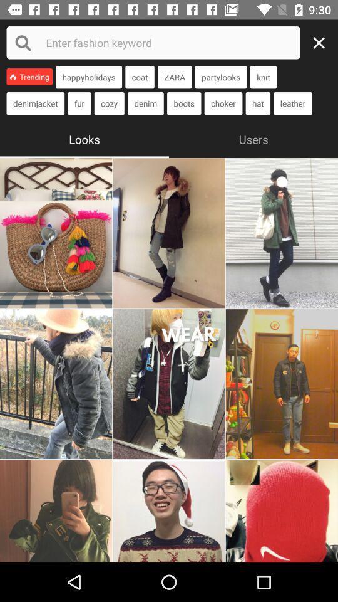 Image resolution: width=338 pixels, height=602 pixels. I want to click on outfit, so click(169, 511).